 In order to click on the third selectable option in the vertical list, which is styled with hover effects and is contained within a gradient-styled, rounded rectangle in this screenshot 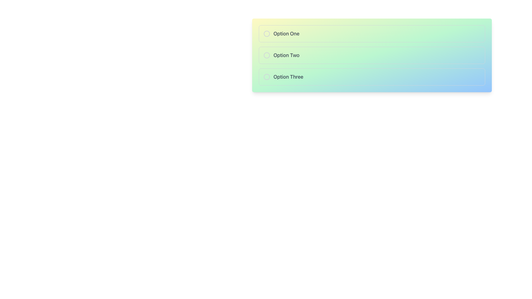, I will do `click(372, 77)`.